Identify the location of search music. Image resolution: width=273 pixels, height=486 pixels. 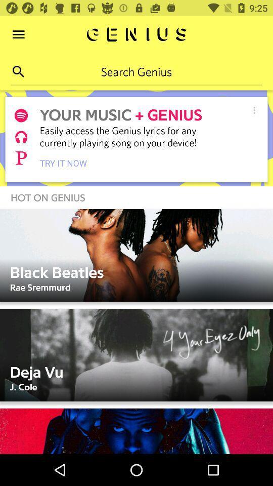
(18, 71).